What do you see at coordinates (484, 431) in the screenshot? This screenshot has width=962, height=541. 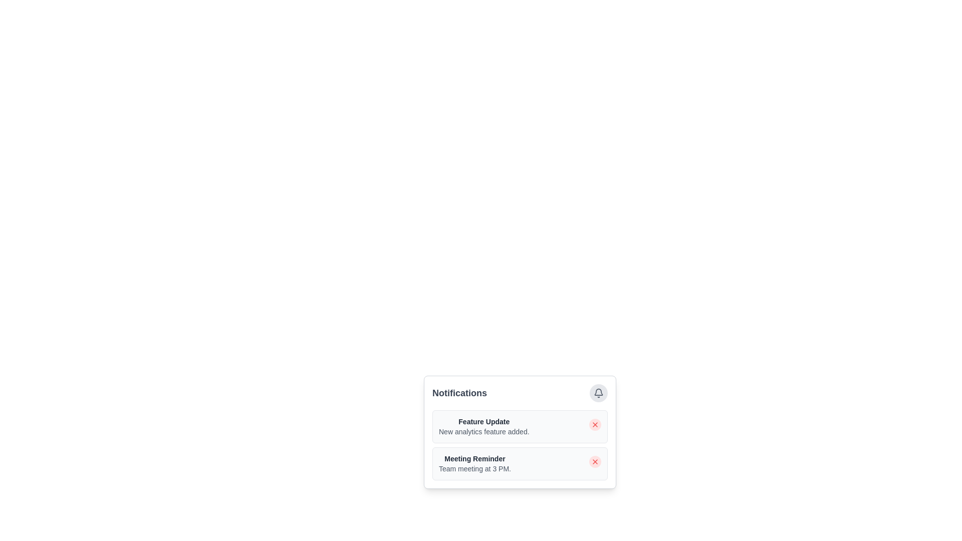 I see `the descriptive text element that provides information about a newly added feature, located below the 'Feature Update' heading in the notification card` at bounding box center [484, 431].